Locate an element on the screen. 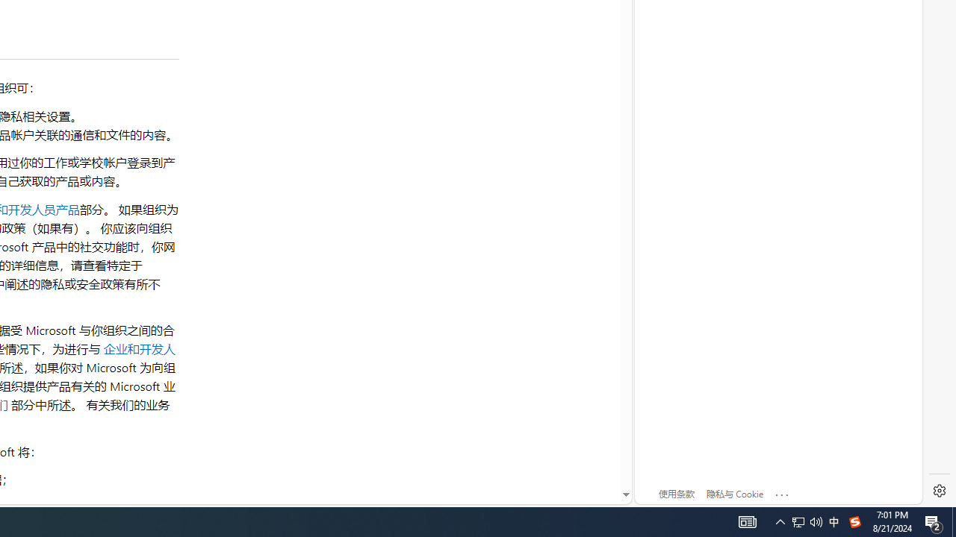 The height and width of the screenshot is (537, 956). 'Action Center, 2 new notifications' is located at coordinates (934, 521).